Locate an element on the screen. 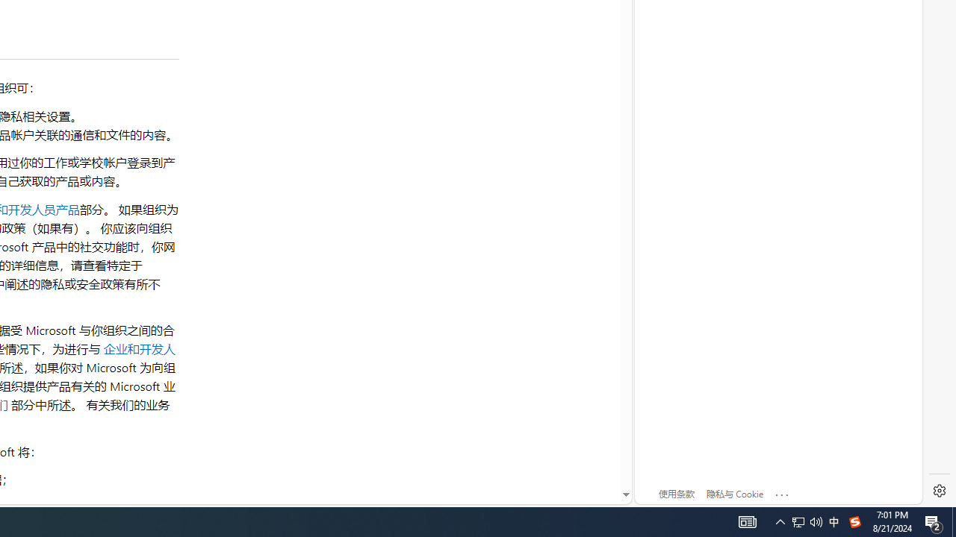 The height and width of the screenshot is (537, 956). 'Action Center, 2 new notifications' is located at coordinates (934, 521).